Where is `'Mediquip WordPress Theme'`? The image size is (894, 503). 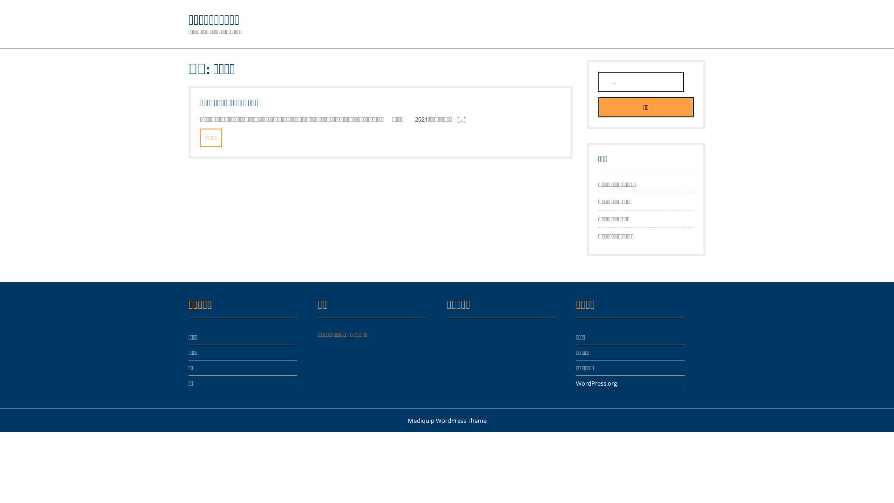
'Mediquip WordPress Theme' is located at coordinates (447, 420).